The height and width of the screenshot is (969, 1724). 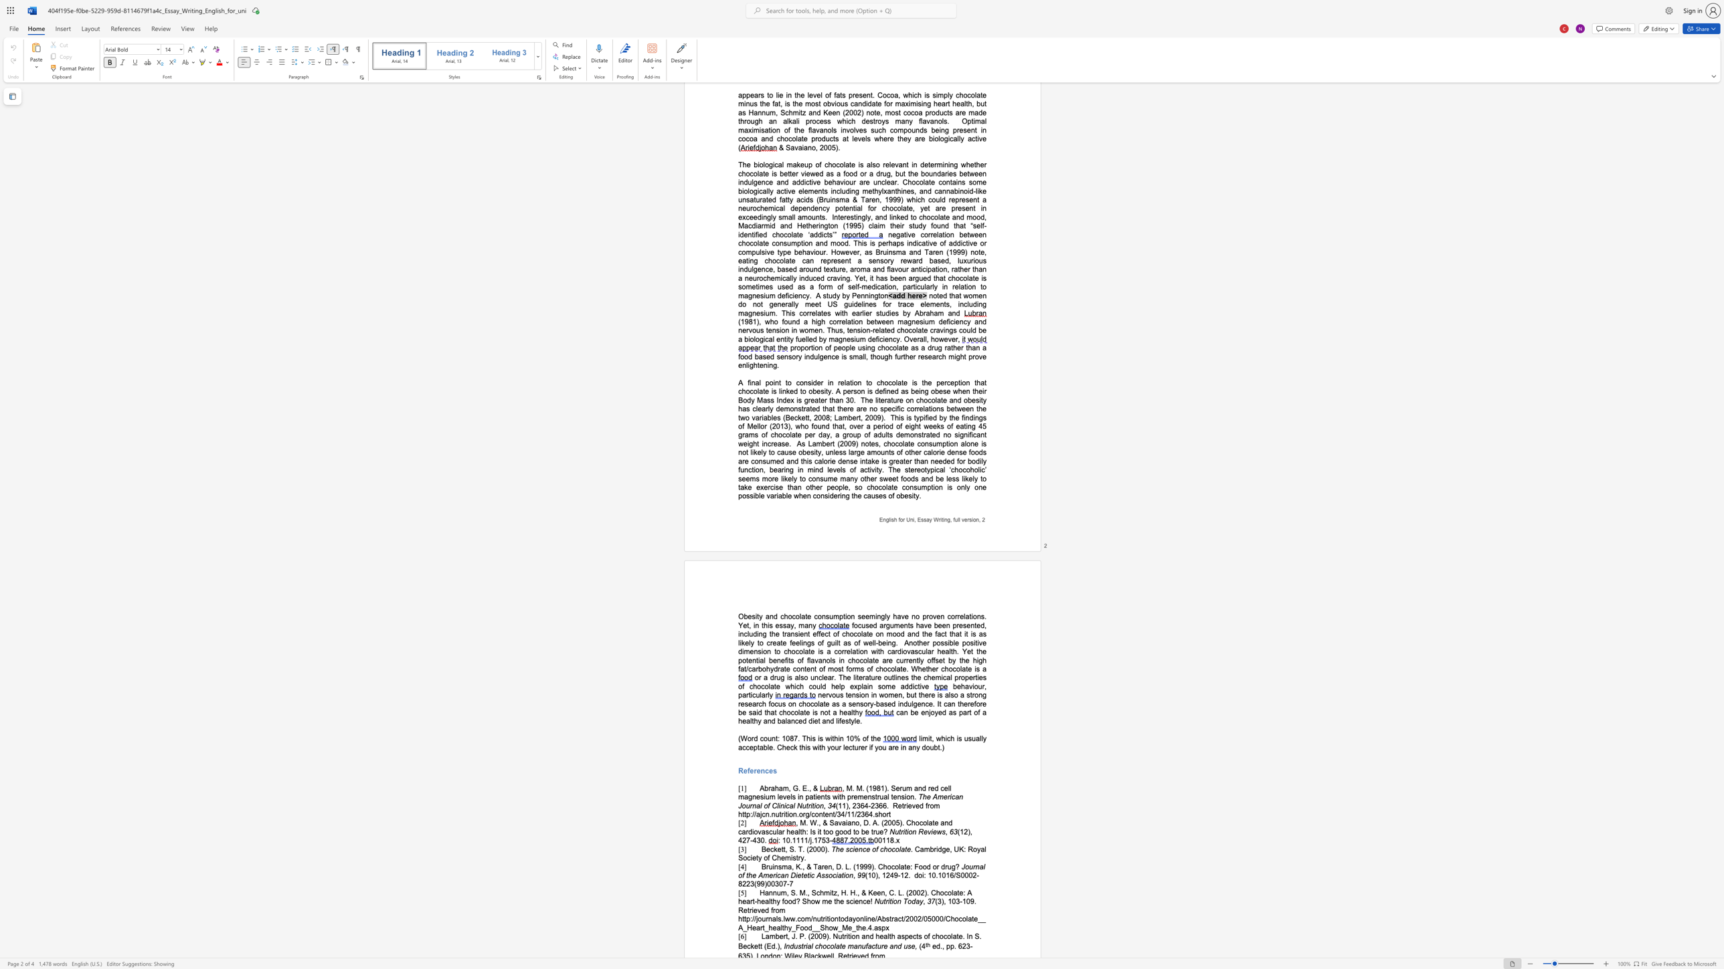 I want to click on the subset text "., &" within the text "Abraham, G. E., &", so click(x=806, y=788).